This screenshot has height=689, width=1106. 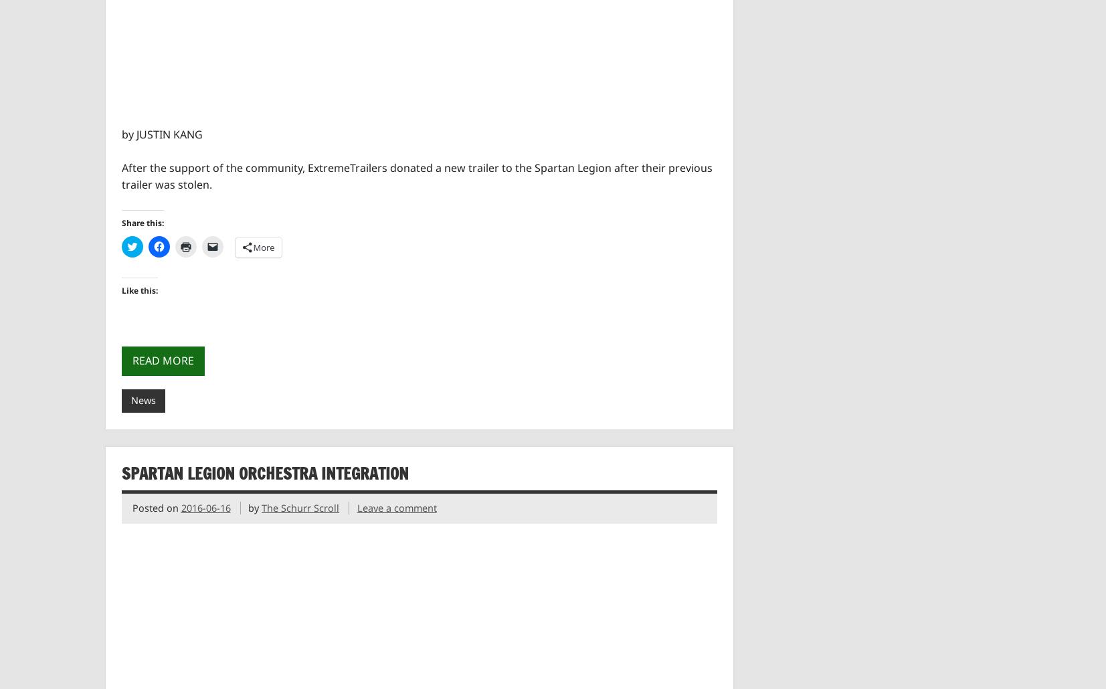 I want to click on 'Posted on', so click(x=155, y=508).